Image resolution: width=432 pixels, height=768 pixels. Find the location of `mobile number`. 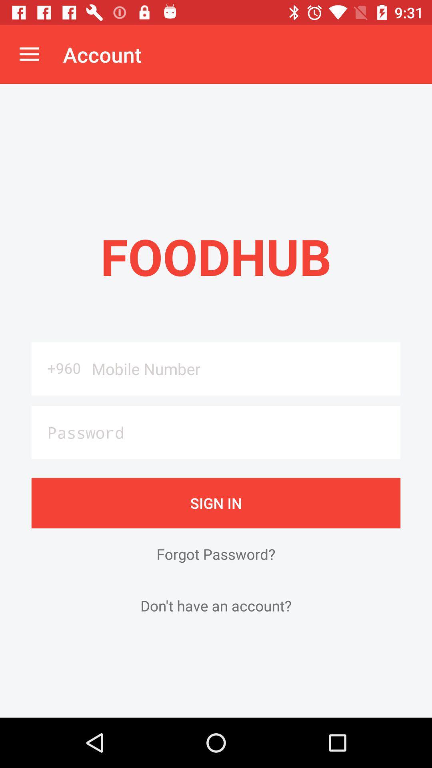

mobile number is located at coordinates (243, 368).